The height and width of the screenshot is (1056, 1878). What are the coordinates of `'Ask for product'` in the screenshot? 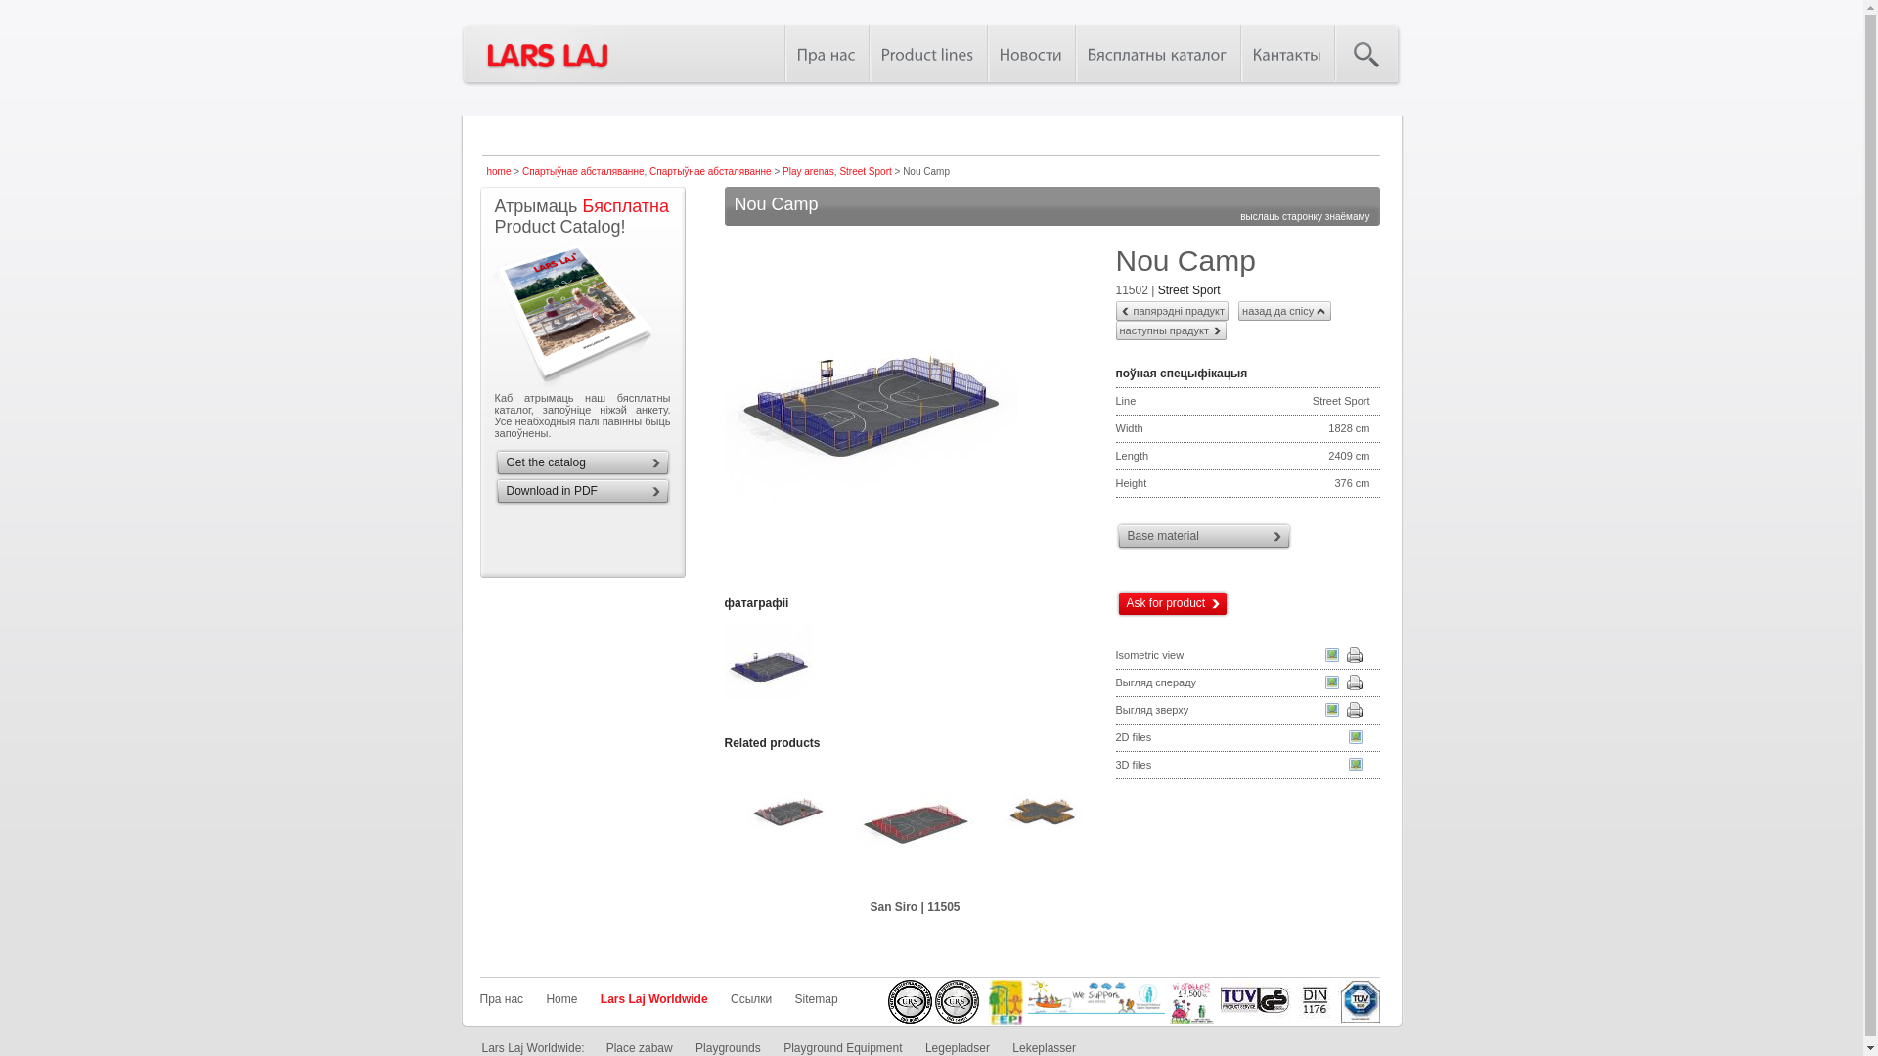 It's located at (1122, 602).